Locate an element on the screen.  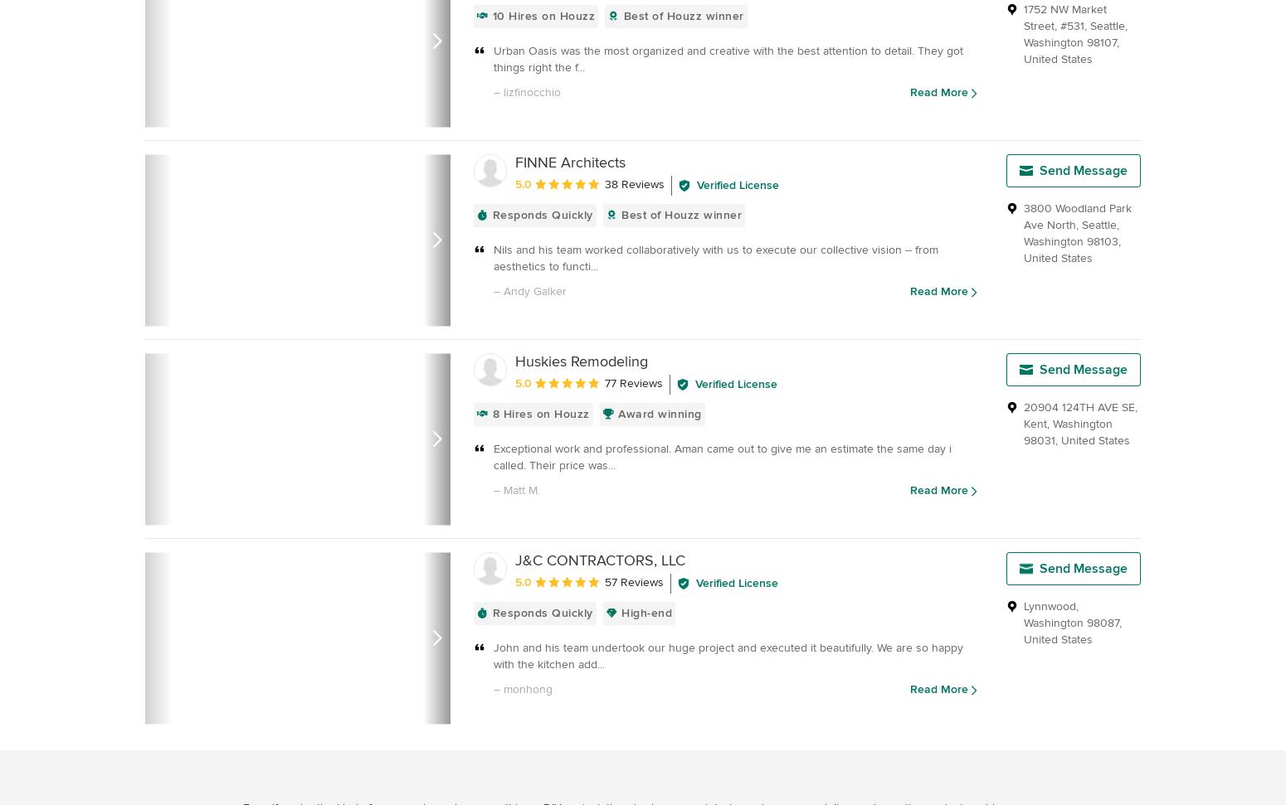
'monhong' is located at coordinates (503, 688).